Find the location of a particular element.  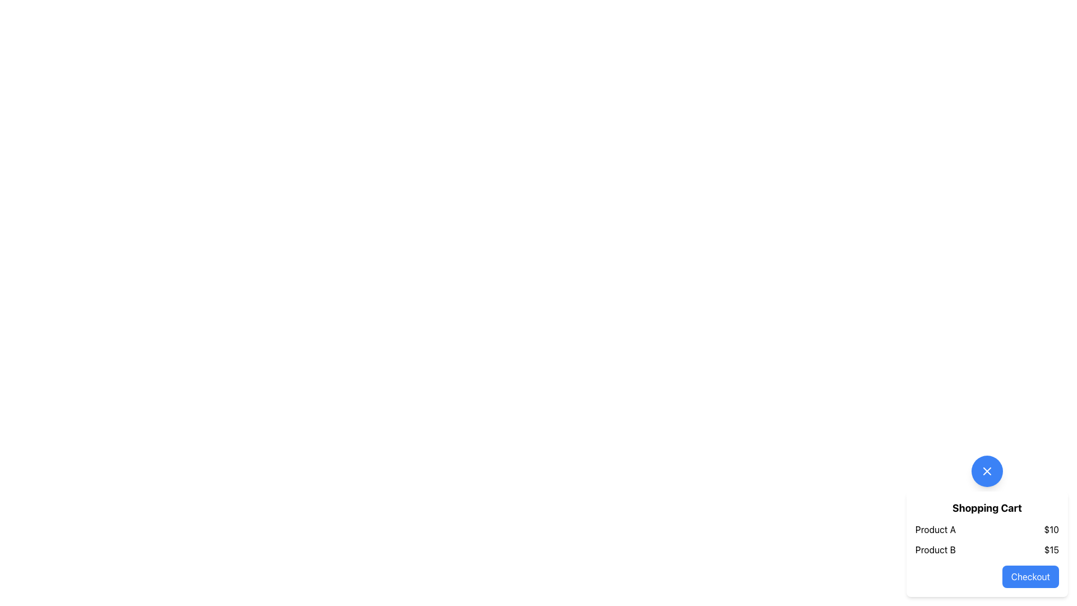

the text label displaying 'Product A' in the shopping cart section, which is styled in a standard sans-serif font and positioned to the left of the price label ('$10') is located at coordinates (936, 530).